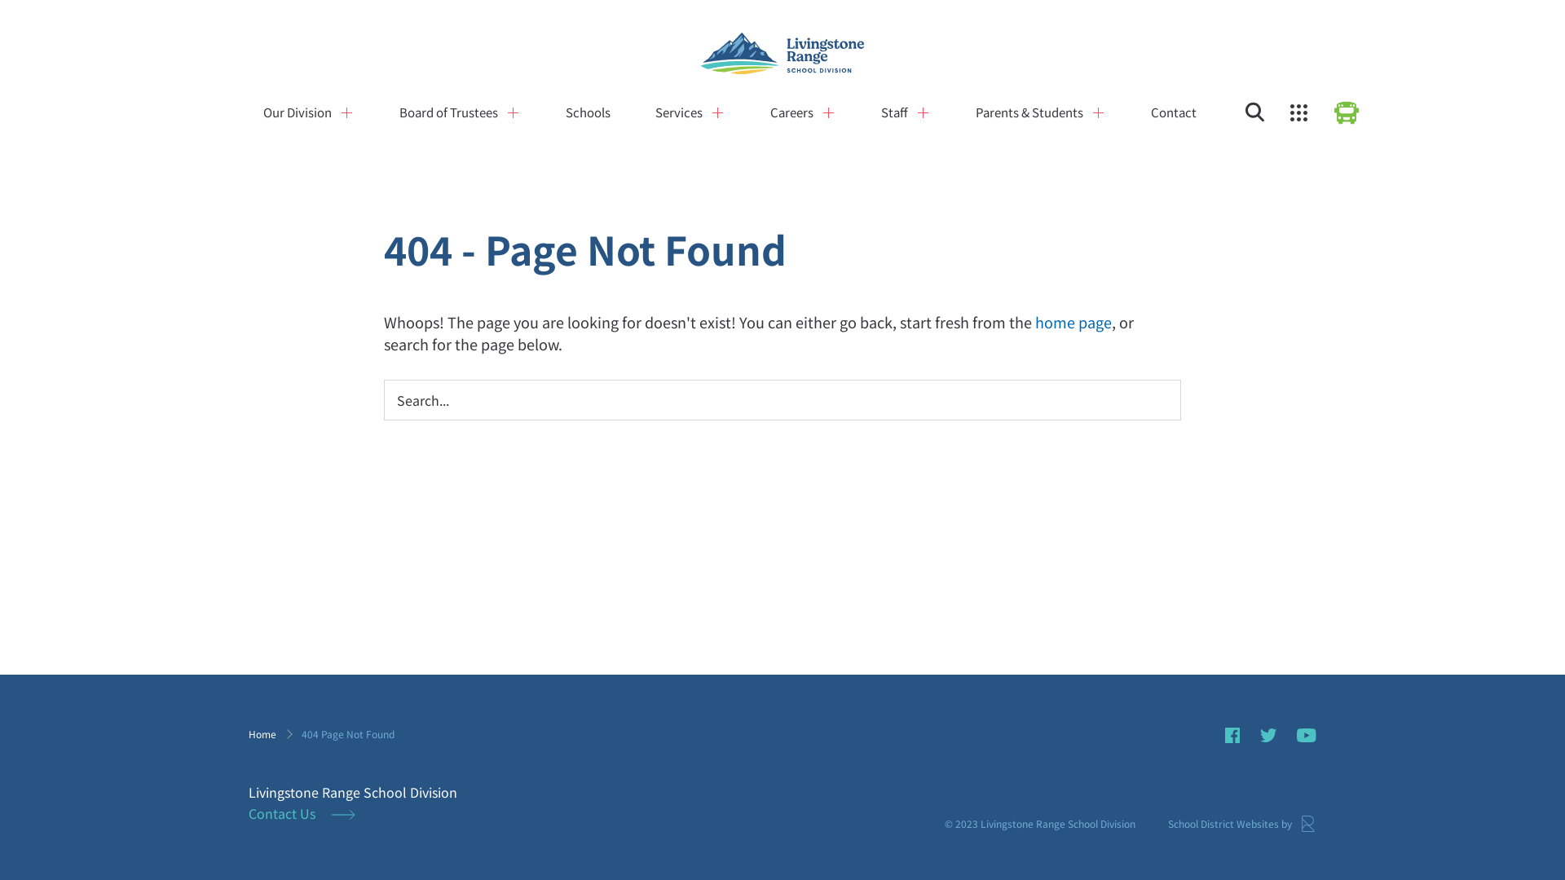 This screenshot has height=880, width=1565. I want to click on 'Bus Status', so click(1334, 112).